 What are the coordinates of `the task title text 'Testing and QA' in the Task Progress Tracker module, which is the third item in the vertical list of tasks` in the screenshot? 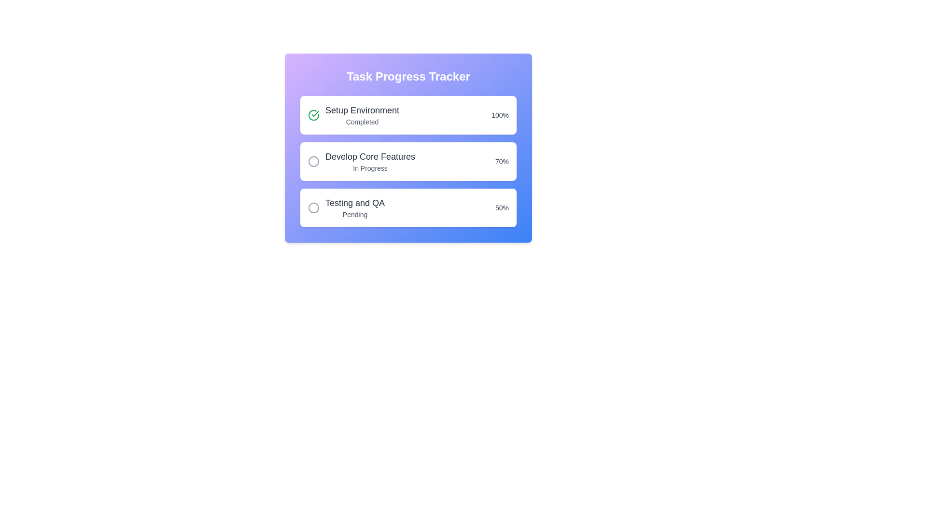 It's located at (354, 202).